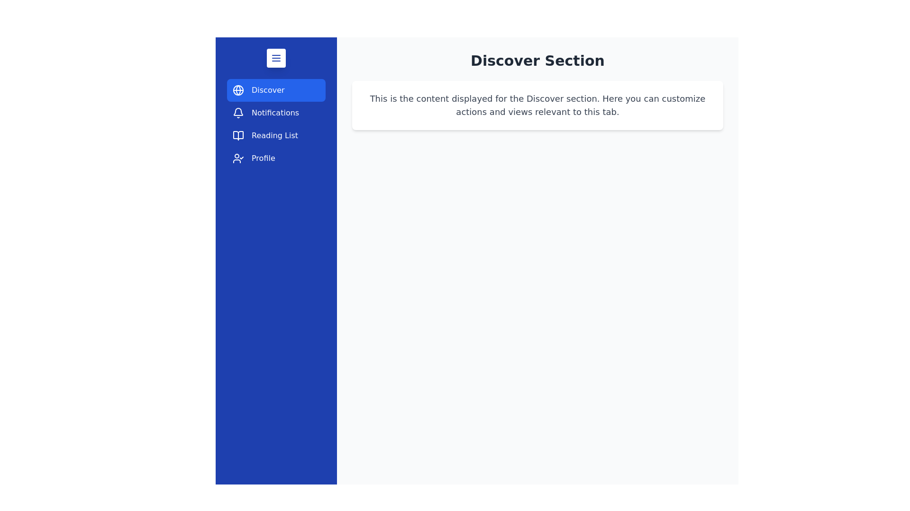  Describe the element at coordinates (275, 113) in the screenshot. I see `the tab labeled Notifications to navigate to its section` at that location.